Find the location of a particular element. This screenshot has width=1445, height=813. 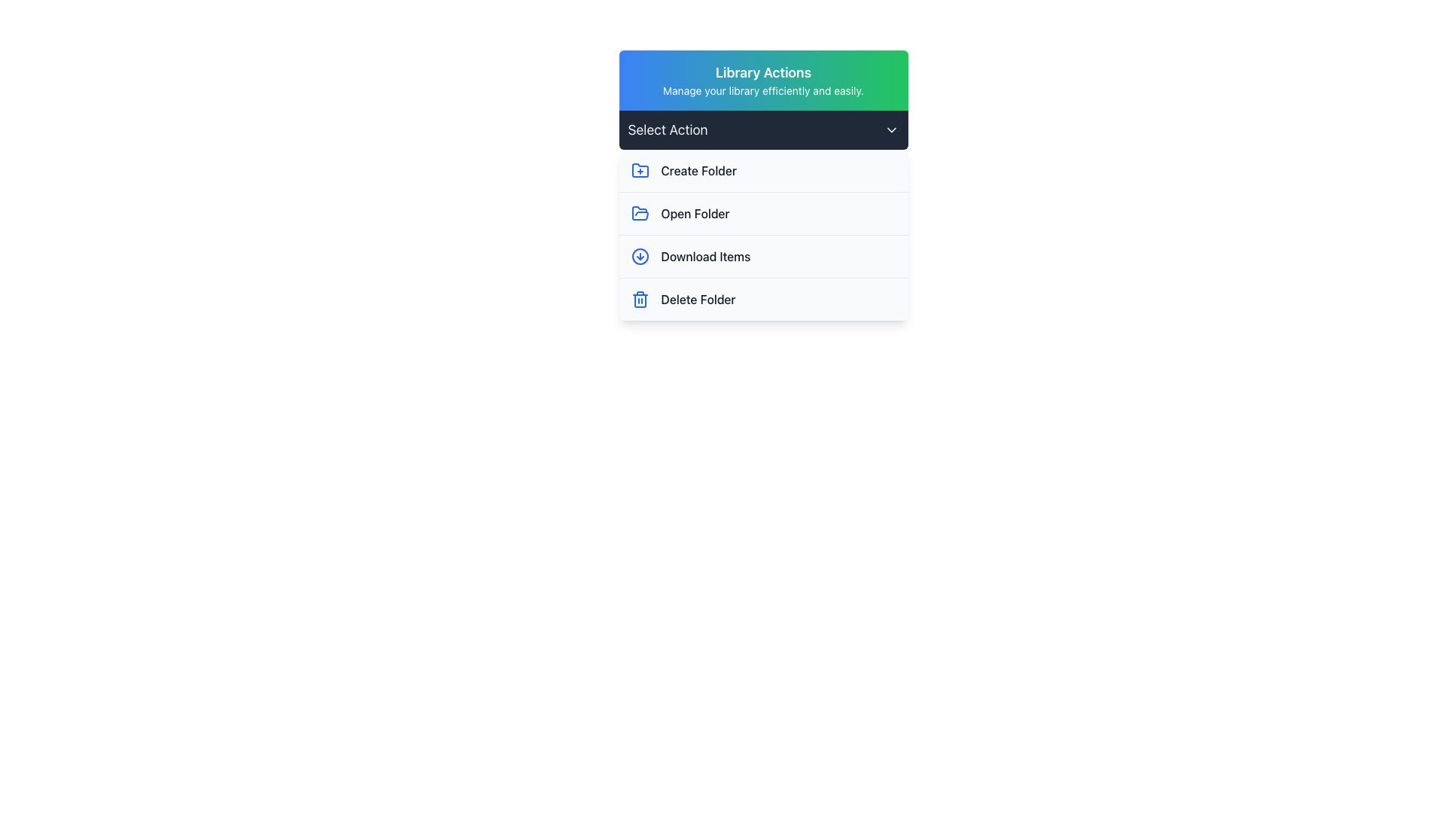

to select the 'Open Folder' option, which is a text label in a vertical list under 'Library Actions', situated below 'Create Folder' and above 'Download Items' is located at coordinates (695, 214).